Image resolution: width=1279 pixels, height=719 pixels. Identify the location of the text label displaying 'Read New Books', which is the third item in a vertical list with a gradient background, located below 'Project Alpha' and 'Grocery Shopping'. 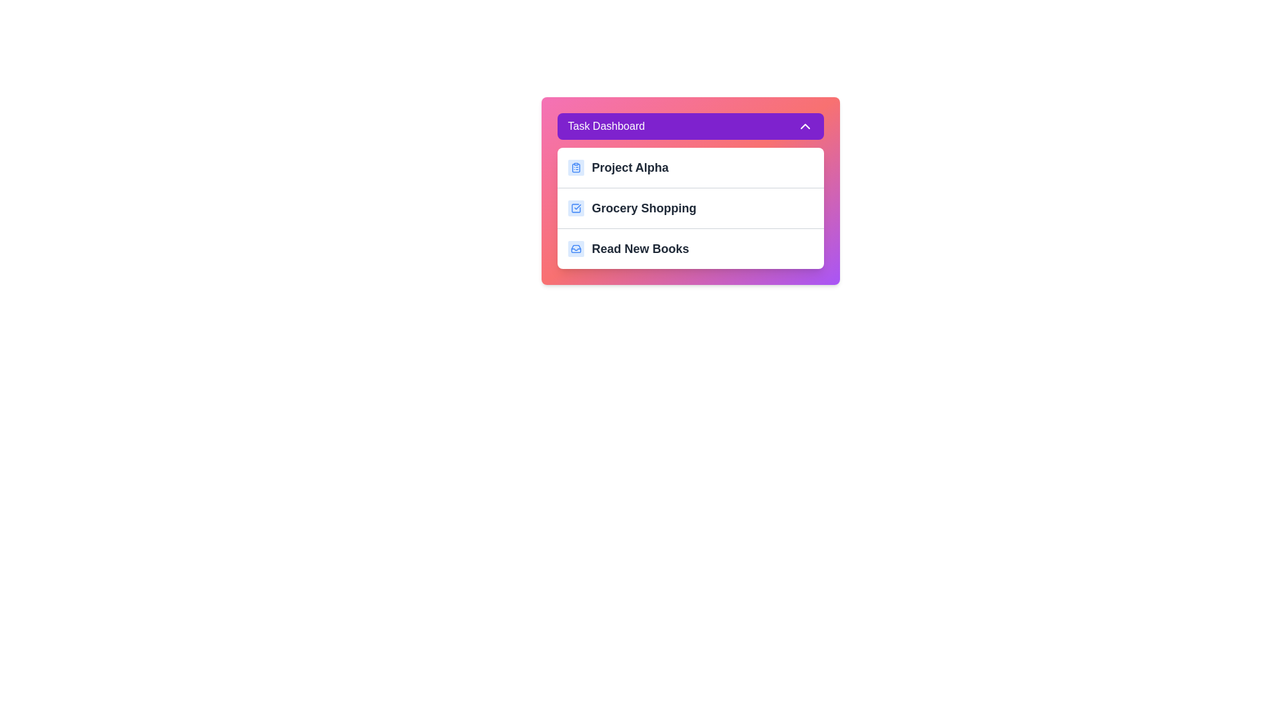
(640, 249).